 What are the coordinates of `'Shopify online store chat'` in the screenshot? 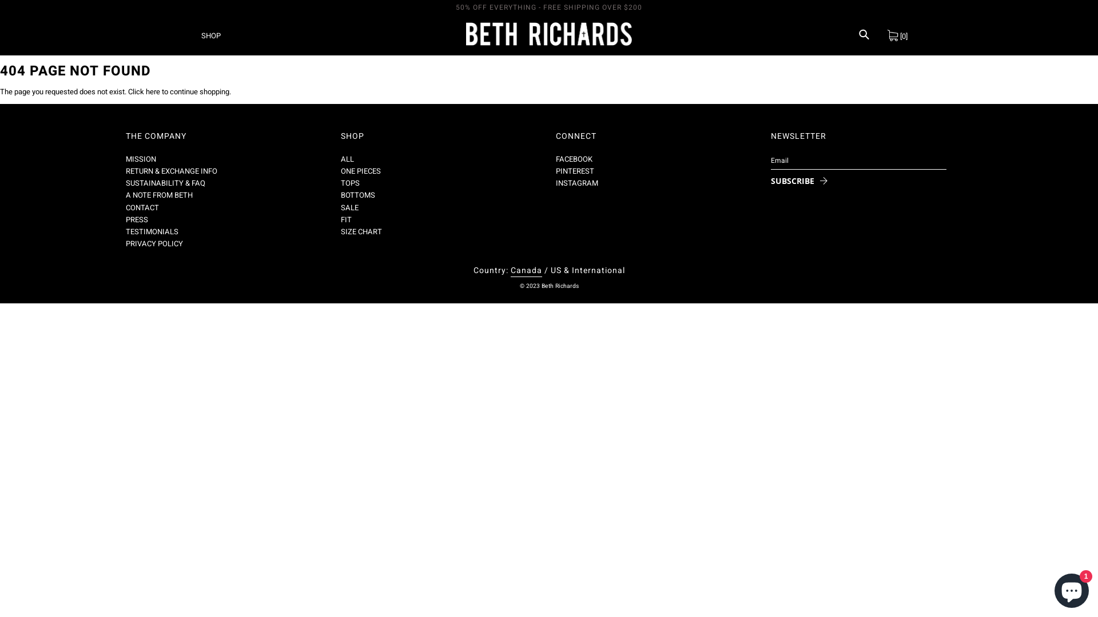 It's located at (1051, 588).